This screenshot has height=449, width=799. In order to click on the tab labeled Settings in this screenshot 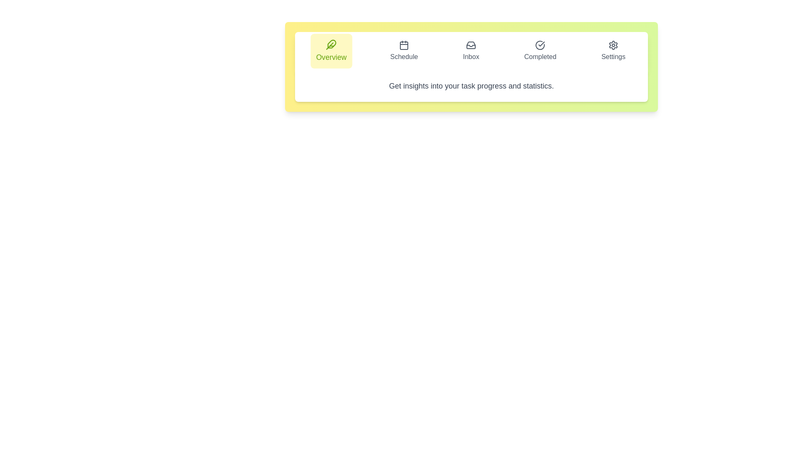, I will do `click(613, 51)`.